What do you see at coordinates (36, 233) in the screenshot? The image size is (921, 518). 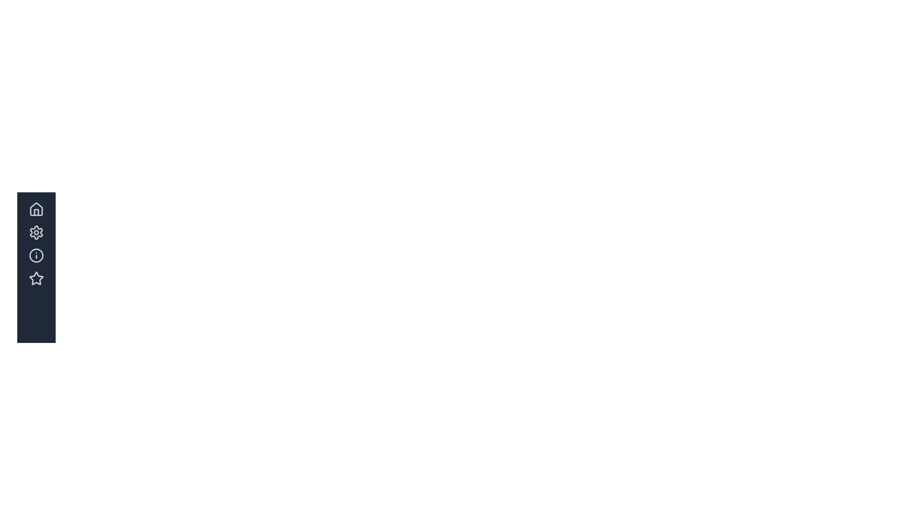 I see `the gear icon in the vertical navigation menu` at bounding box center [36, 233].